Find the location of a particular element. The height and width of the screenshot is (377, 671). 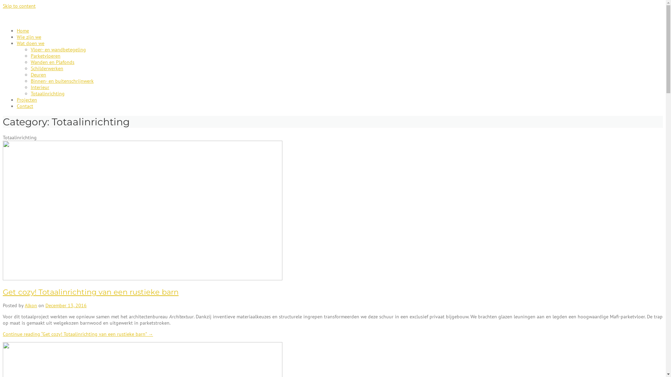

'Alkon' is located at coordinates (30, 305).